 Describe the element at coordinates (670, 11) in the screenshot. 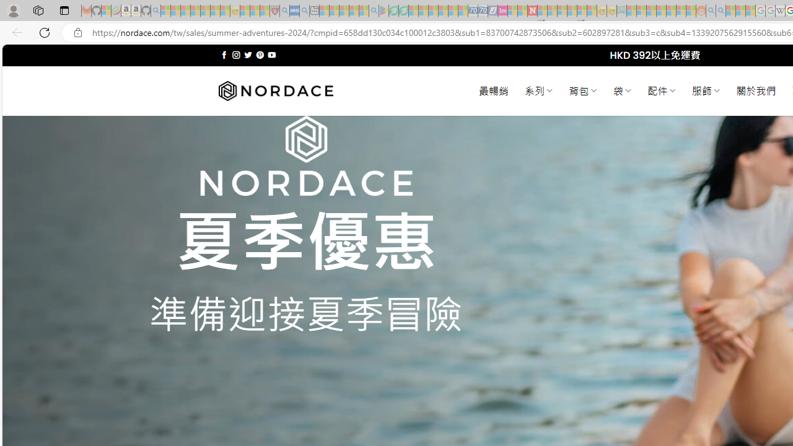

I see `'Kinda Frugal - MSN - Sleeping'` at that location.